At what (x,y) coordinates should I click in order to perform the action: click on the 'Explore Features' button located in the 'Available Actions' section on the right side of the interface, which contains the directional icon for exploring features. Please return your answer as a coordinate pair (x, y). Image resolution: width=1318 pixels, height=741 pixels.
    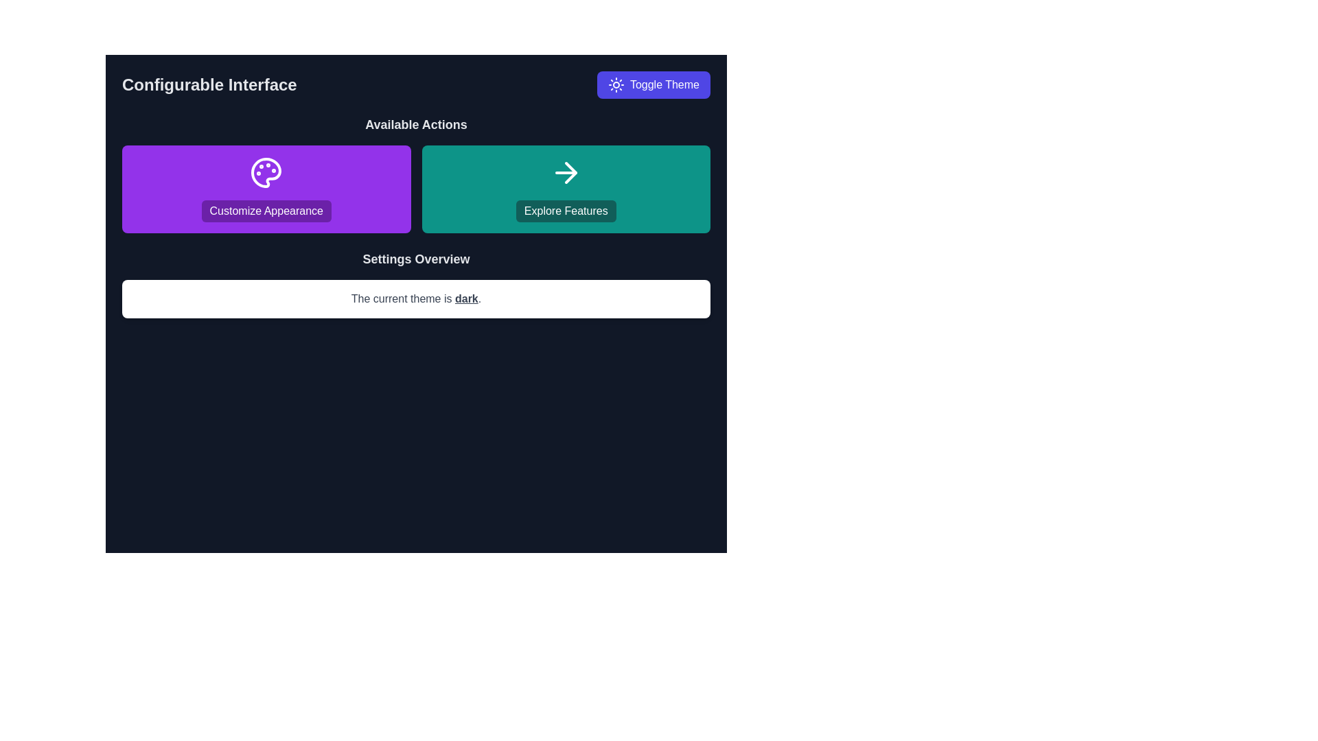
    Looking at the image, I should click on (570, 172).